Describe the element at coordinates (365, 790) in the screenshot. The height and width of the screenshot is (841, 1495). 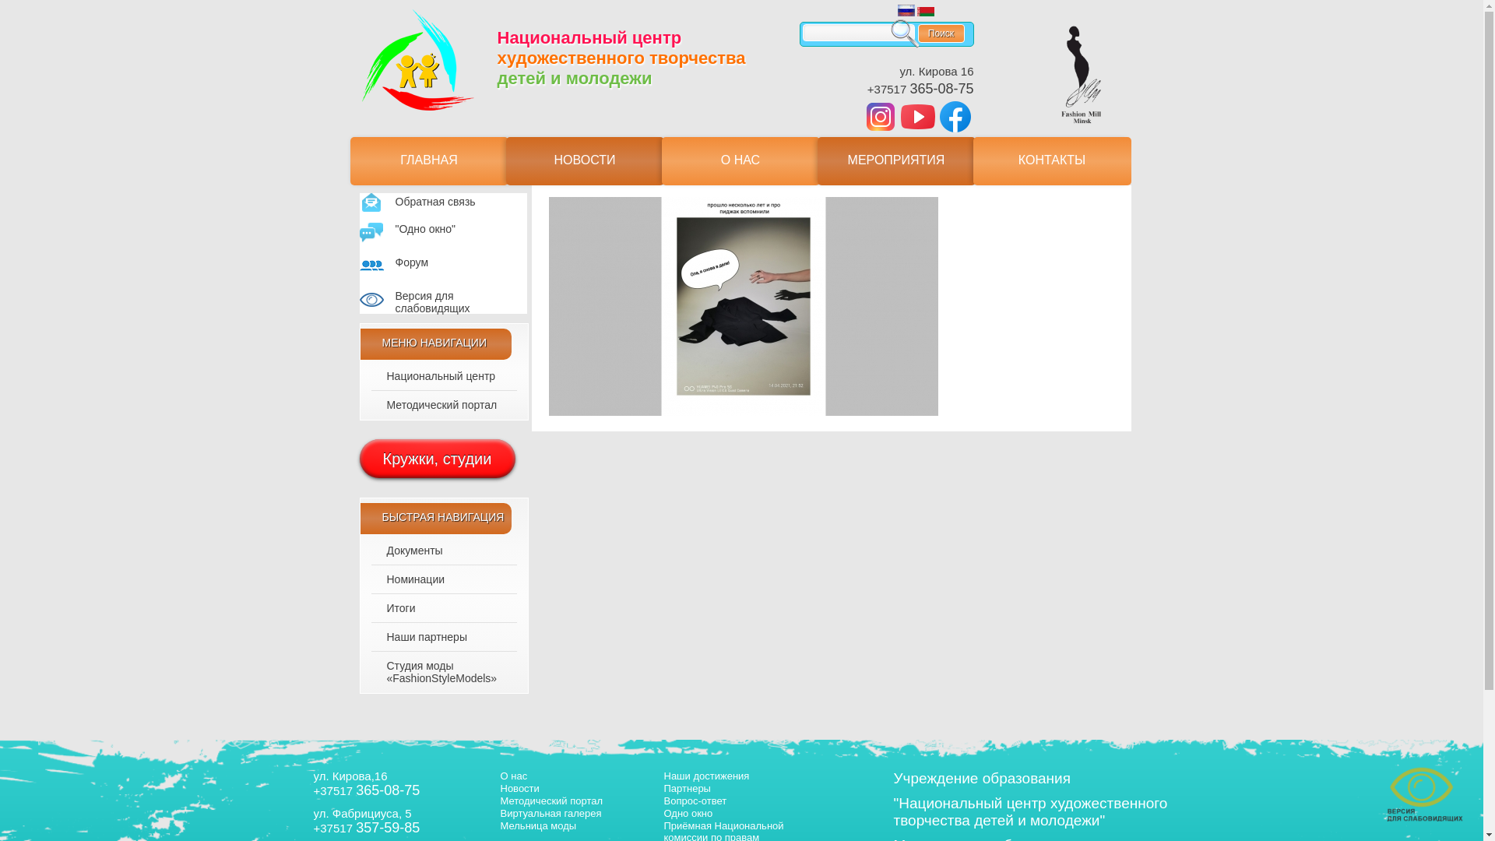
I see `'+37517 365-08-75'` at that location.